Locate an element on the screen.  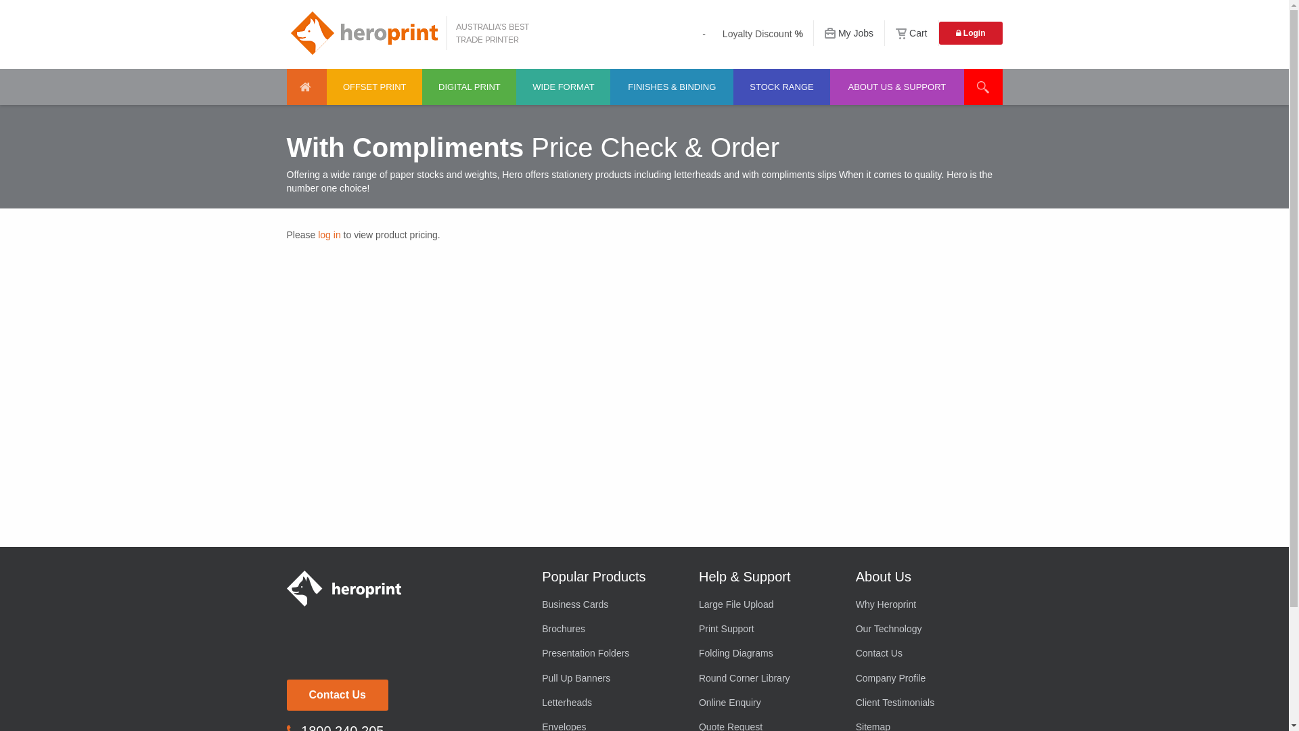
'Round Corner Library' is located at coordinates (767, 678).